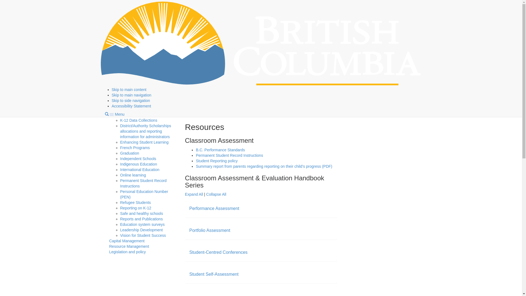  I want to click on 'Vision for Student Success', so click(143, 235).